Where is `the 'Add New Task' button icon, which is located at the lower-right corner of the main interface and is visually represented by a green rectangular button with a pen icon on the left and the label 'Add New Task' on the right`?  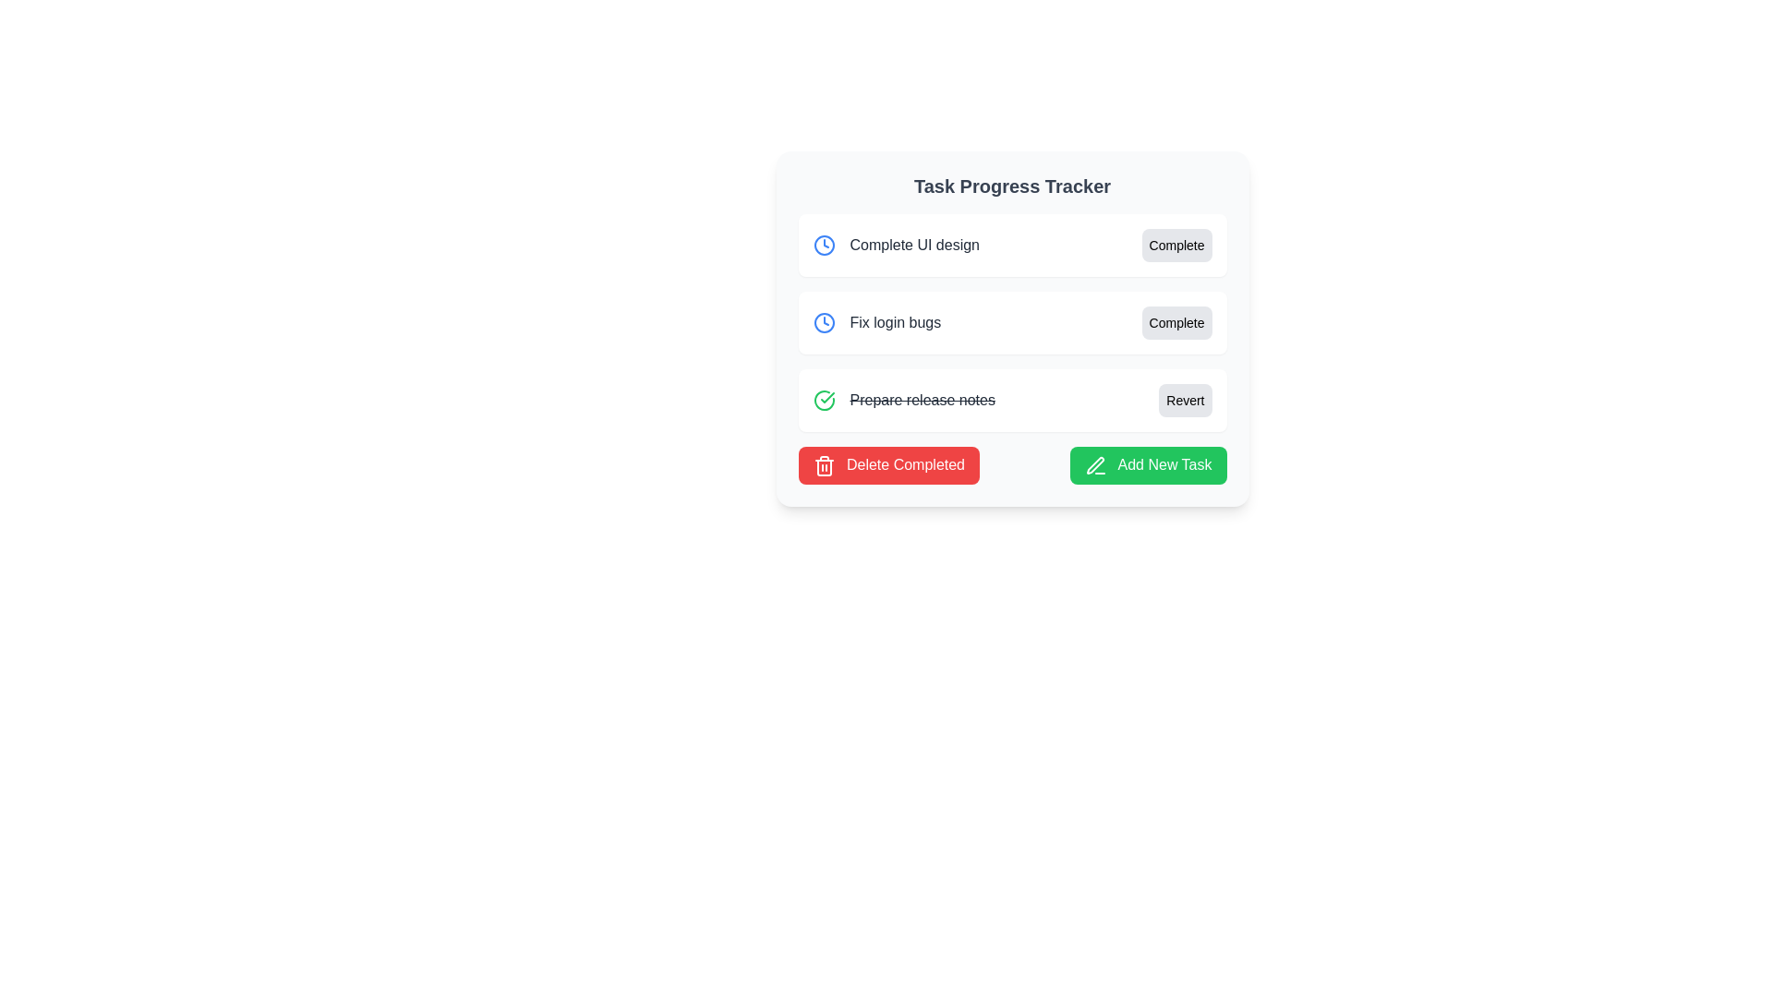 the 'Add New Task' button icon, which is located at the lower-right corner of the main interface and is visually represented by a green rectangular button with a pen icon on the left and the label 'Add New Task' on the right is located at coordinates (1095, 464).